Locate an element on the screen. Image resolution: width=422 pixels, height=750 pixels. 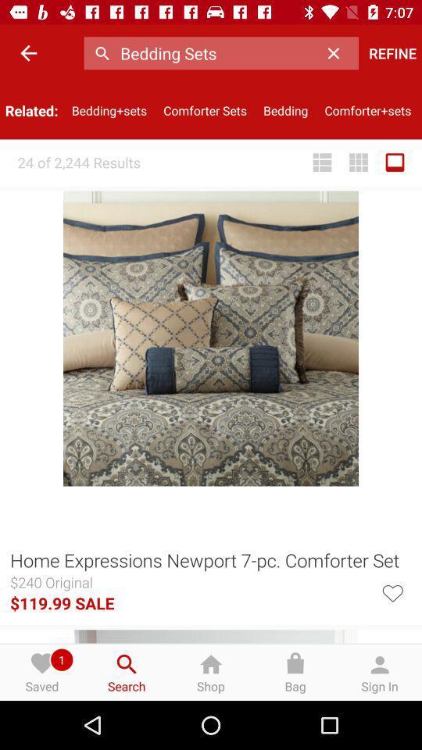
the item next to the refine item is located at coordinates (337, 53).